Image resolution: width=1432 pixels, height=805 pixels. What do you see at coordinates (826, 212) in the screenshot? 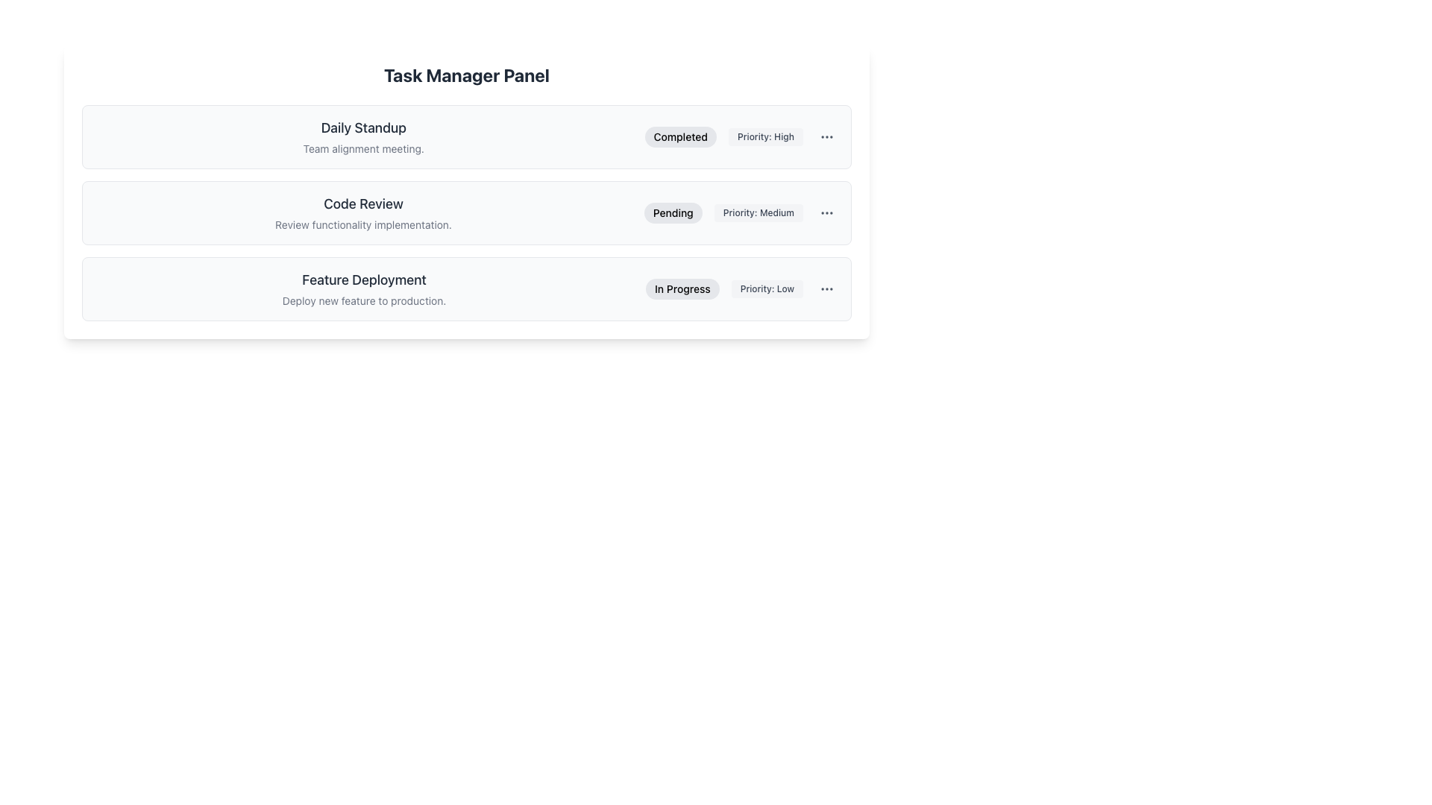
I see `the icon button with three horizontal dots located at the far-right end of the row labeled 'Pending' and 'Priority: Medium'` at bounding box center [826, 212].